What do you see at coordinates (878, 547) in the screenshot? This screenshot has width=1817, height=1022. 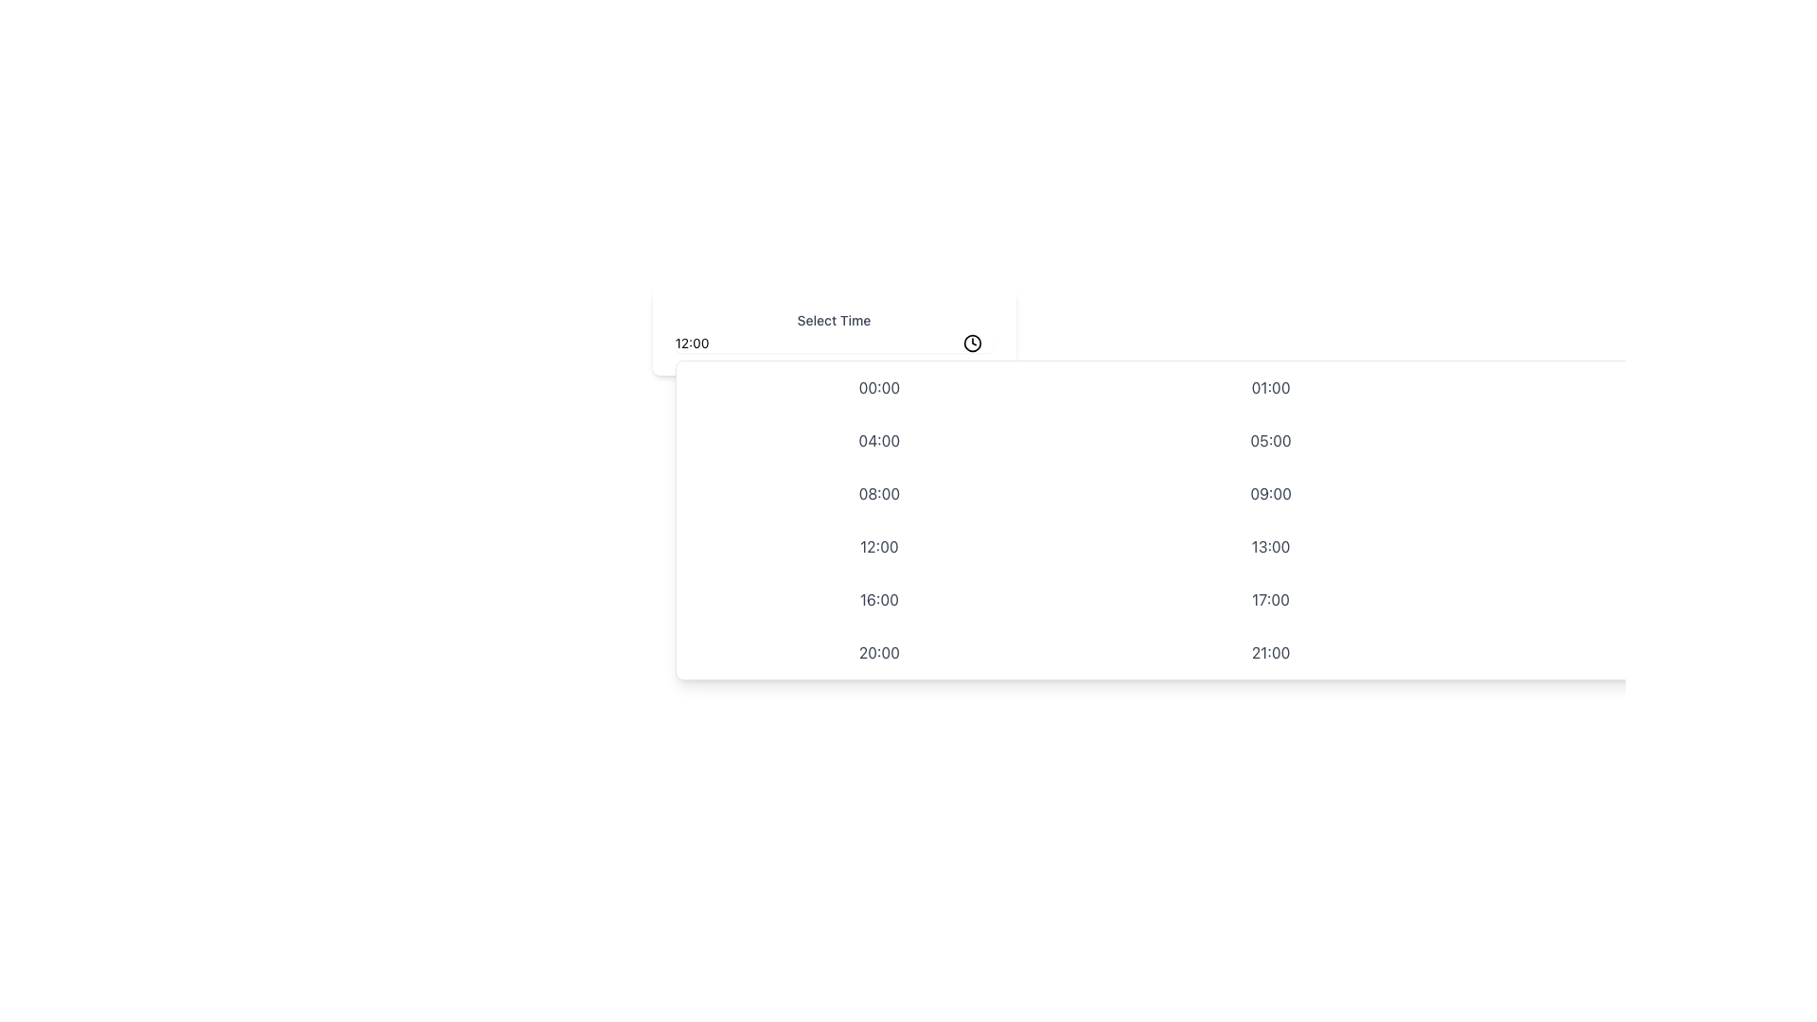 I see `the button in the third row and first column of the grid layout` at bounding box center [878, 547].